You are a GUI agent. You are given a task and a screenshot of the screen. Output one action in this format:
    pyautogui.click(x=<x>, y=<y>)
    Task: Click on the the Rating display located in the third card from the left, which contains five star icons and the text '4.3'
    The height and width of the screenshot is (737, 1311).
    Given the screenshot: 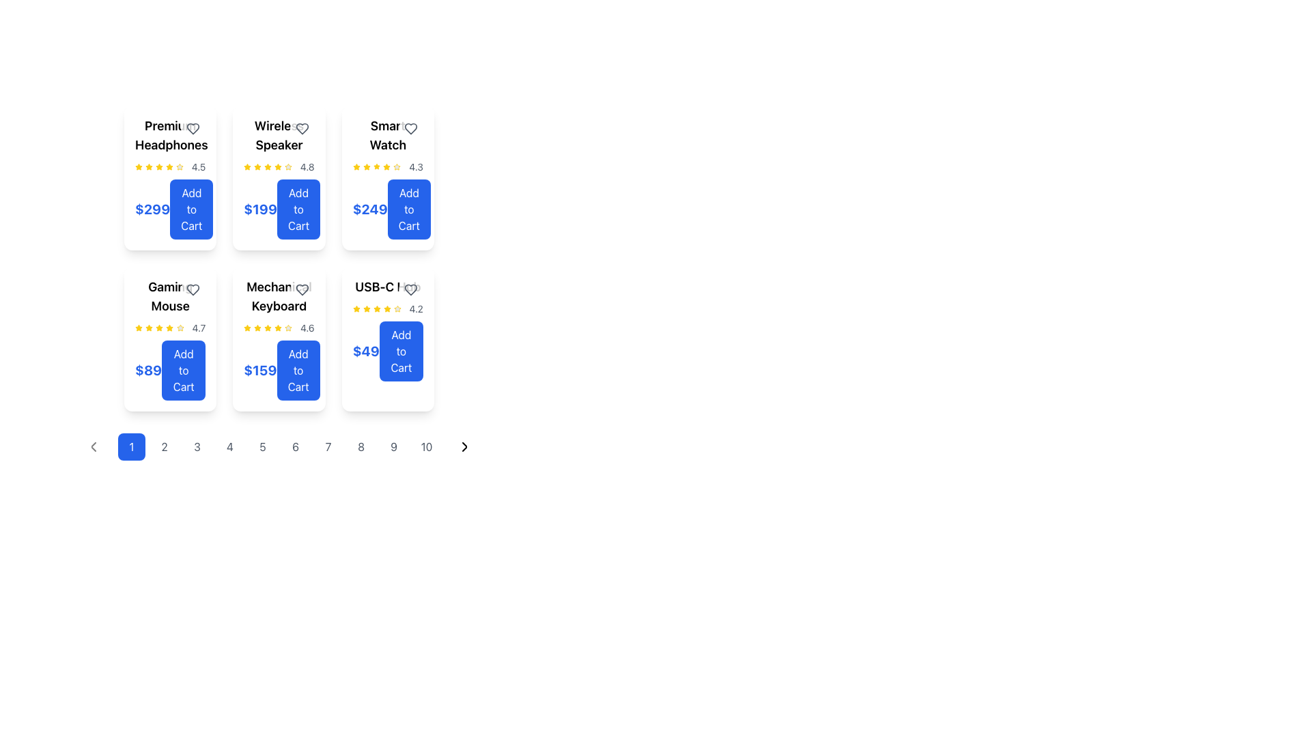 What is the action you would take?
    pyautogui.click(x=387, y=167)
    